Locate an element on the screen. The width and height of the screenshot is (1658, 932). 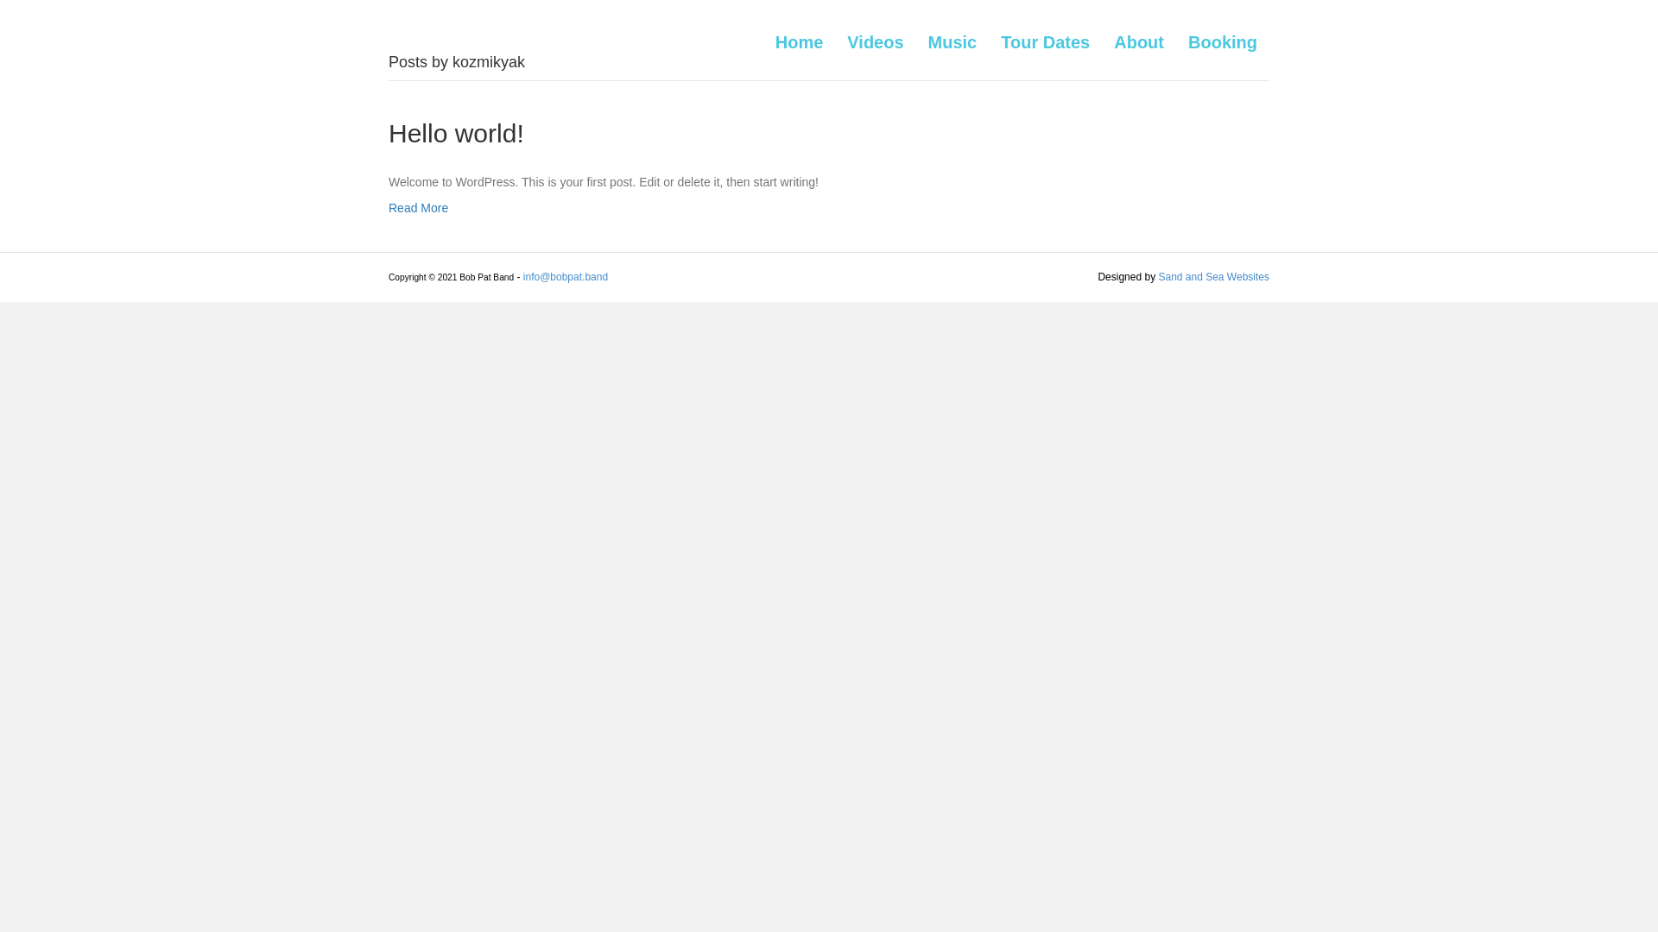
'info@bobpat.band' is located at coordinates (565, 275).